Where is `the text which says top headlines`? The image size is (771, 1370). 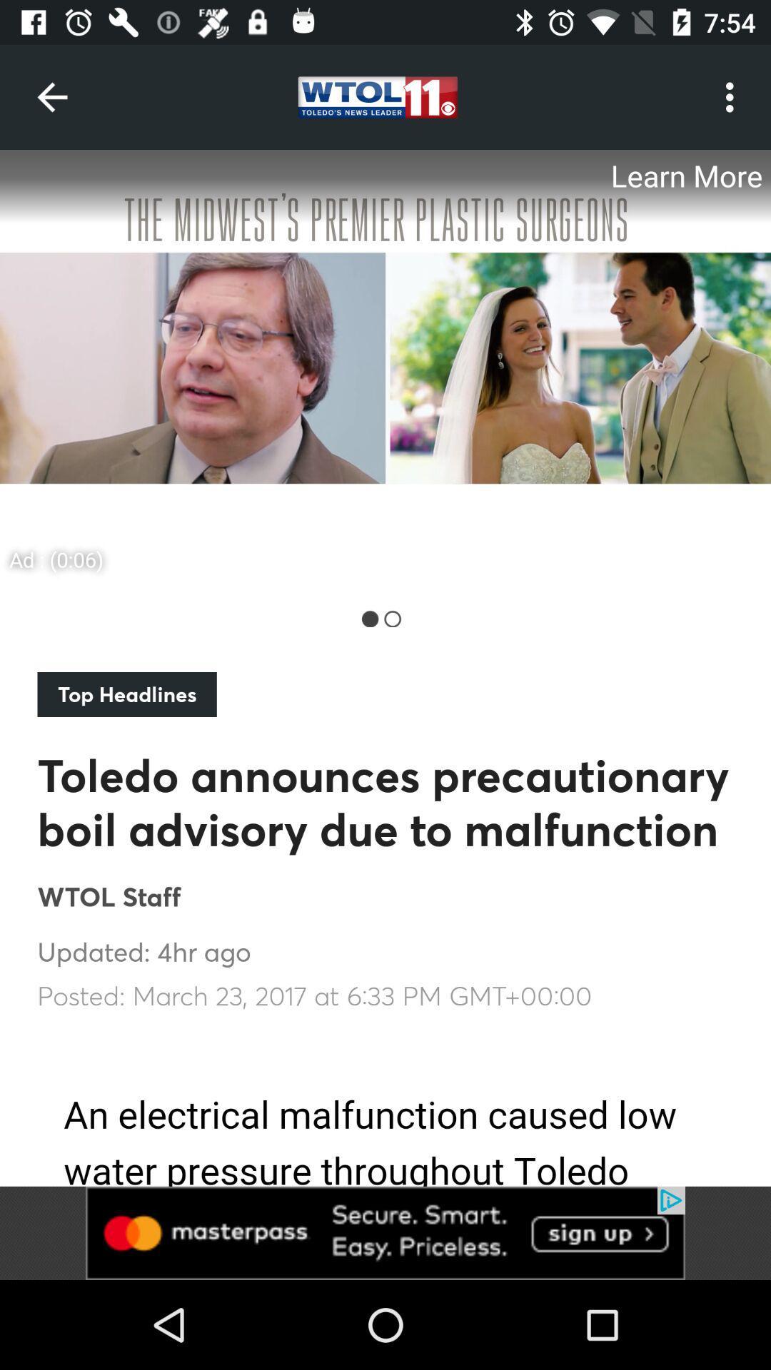 the text which says top headlines is located at coordinates (126, 694).